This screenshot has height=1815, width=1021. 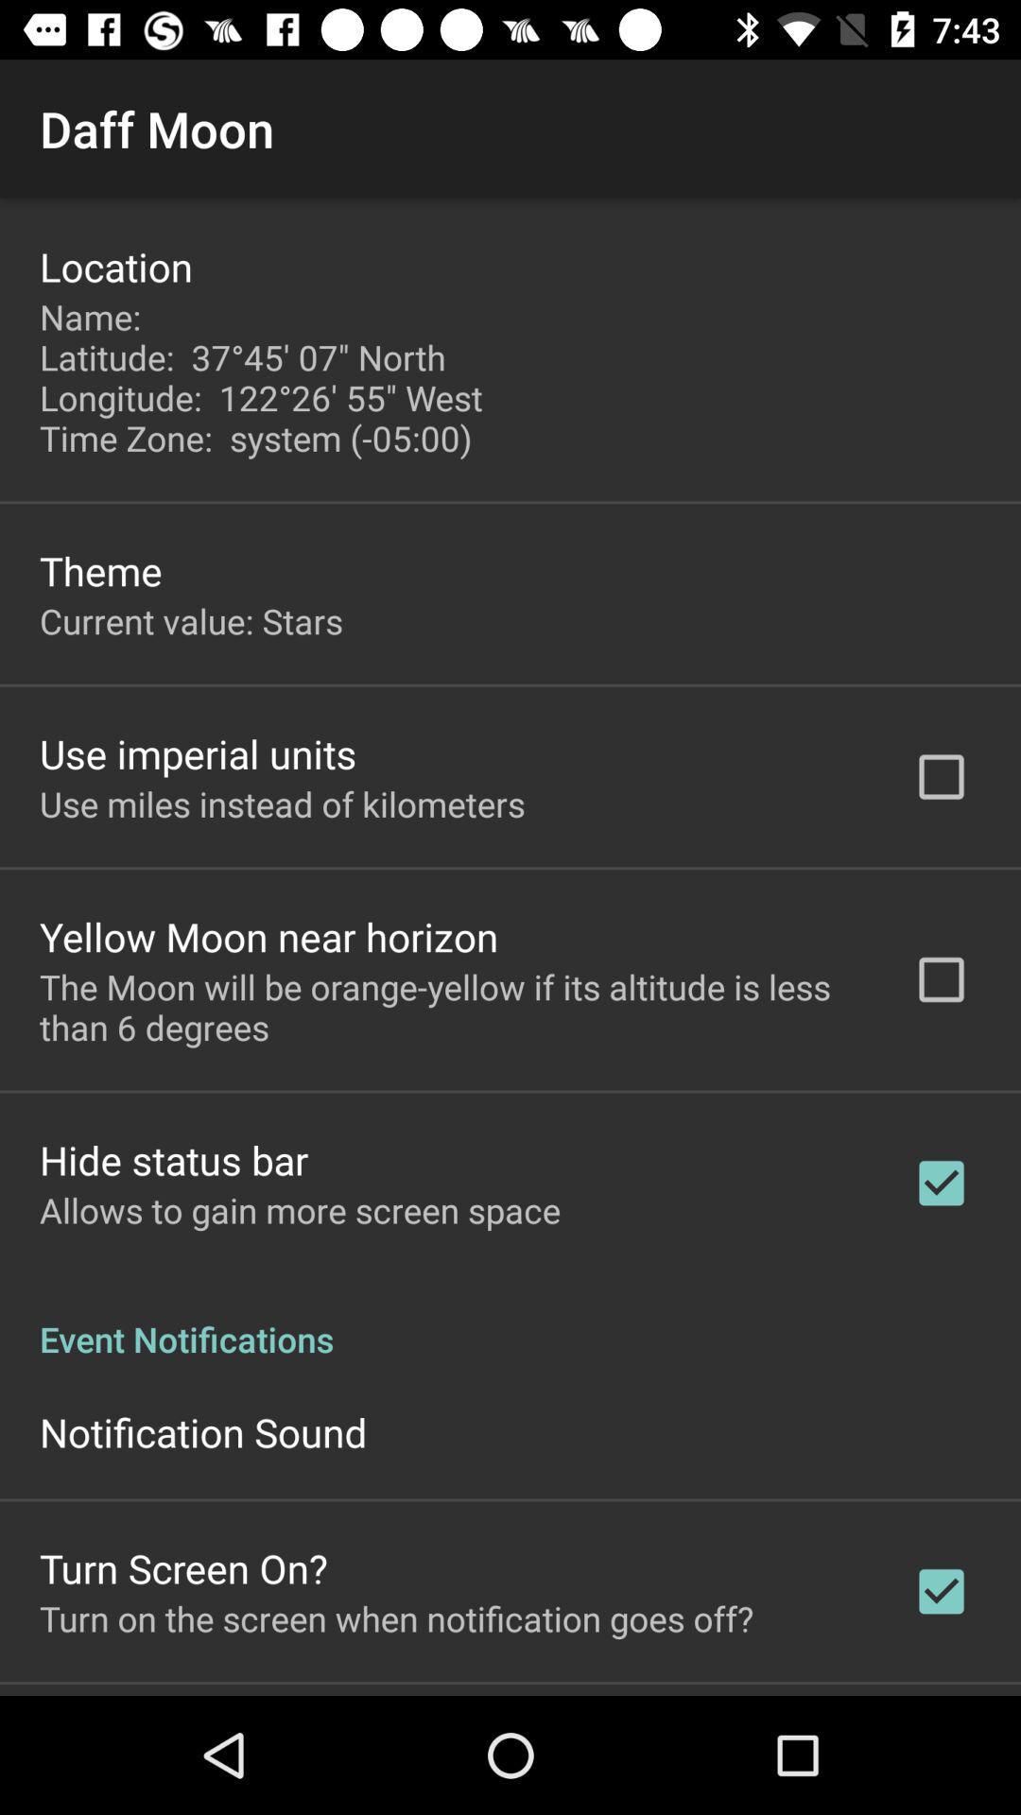 What do you see at coordinates (510, 1318) in the screenshot?
I see `event notifications app` at bounding box center [510, 1318].